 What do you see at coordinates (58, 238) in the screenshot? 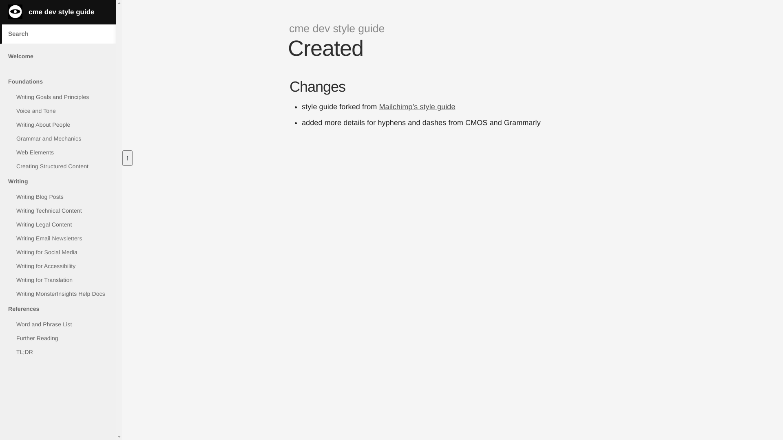
I see `'Writing Email Newsletters'` at bounding box center [58, 238].